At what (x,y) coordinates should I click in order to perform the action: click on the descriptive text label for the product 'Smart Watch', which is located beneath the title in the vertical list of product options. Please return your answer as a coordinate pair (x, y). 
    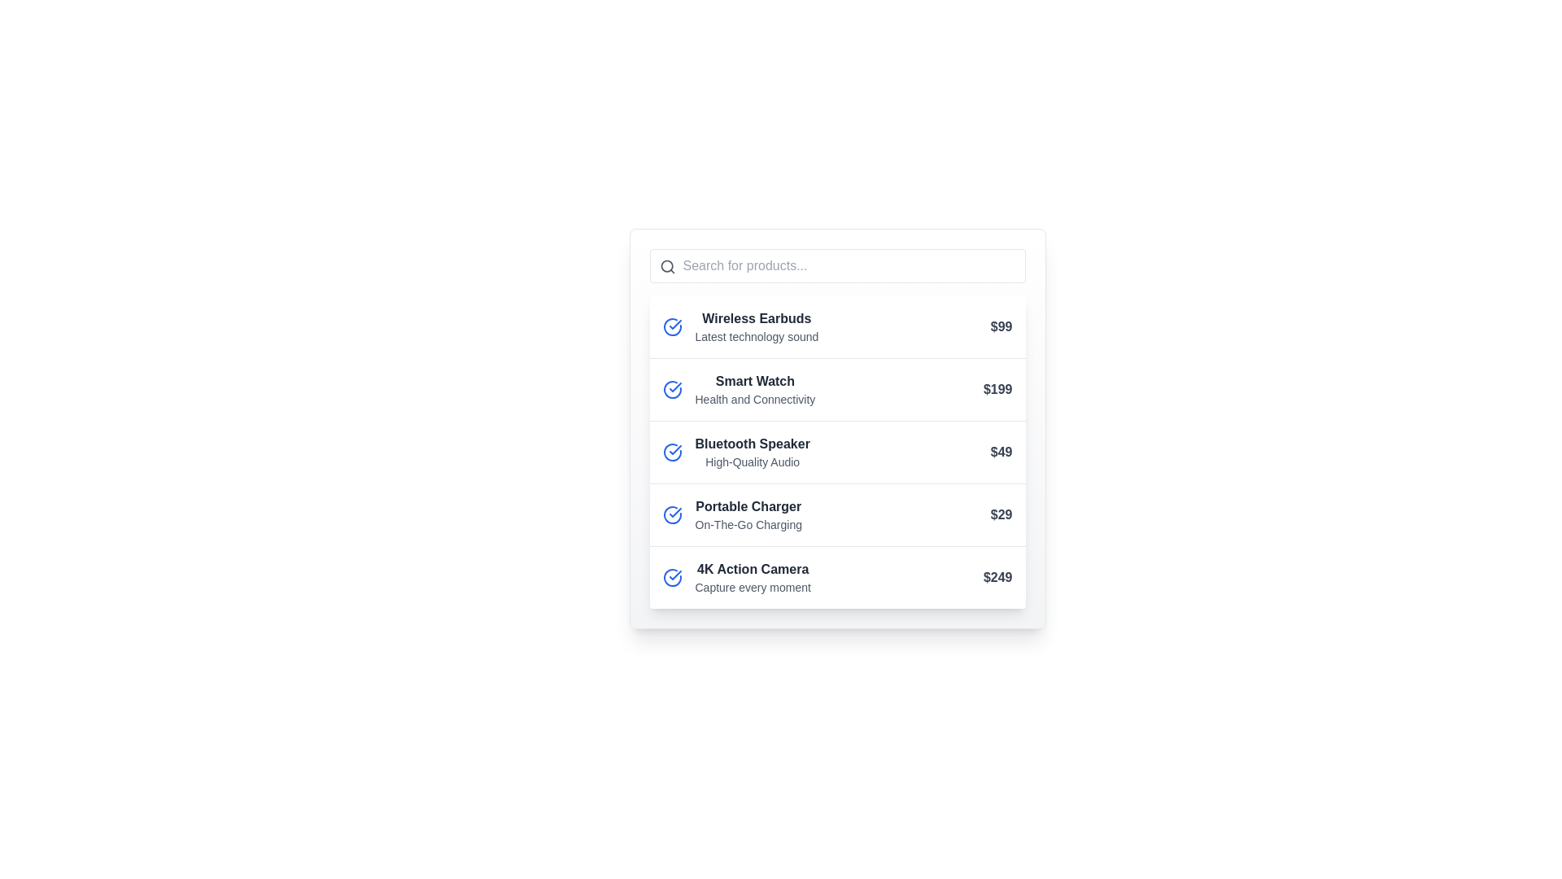
    Looking at the image, I should click on (754, 399).